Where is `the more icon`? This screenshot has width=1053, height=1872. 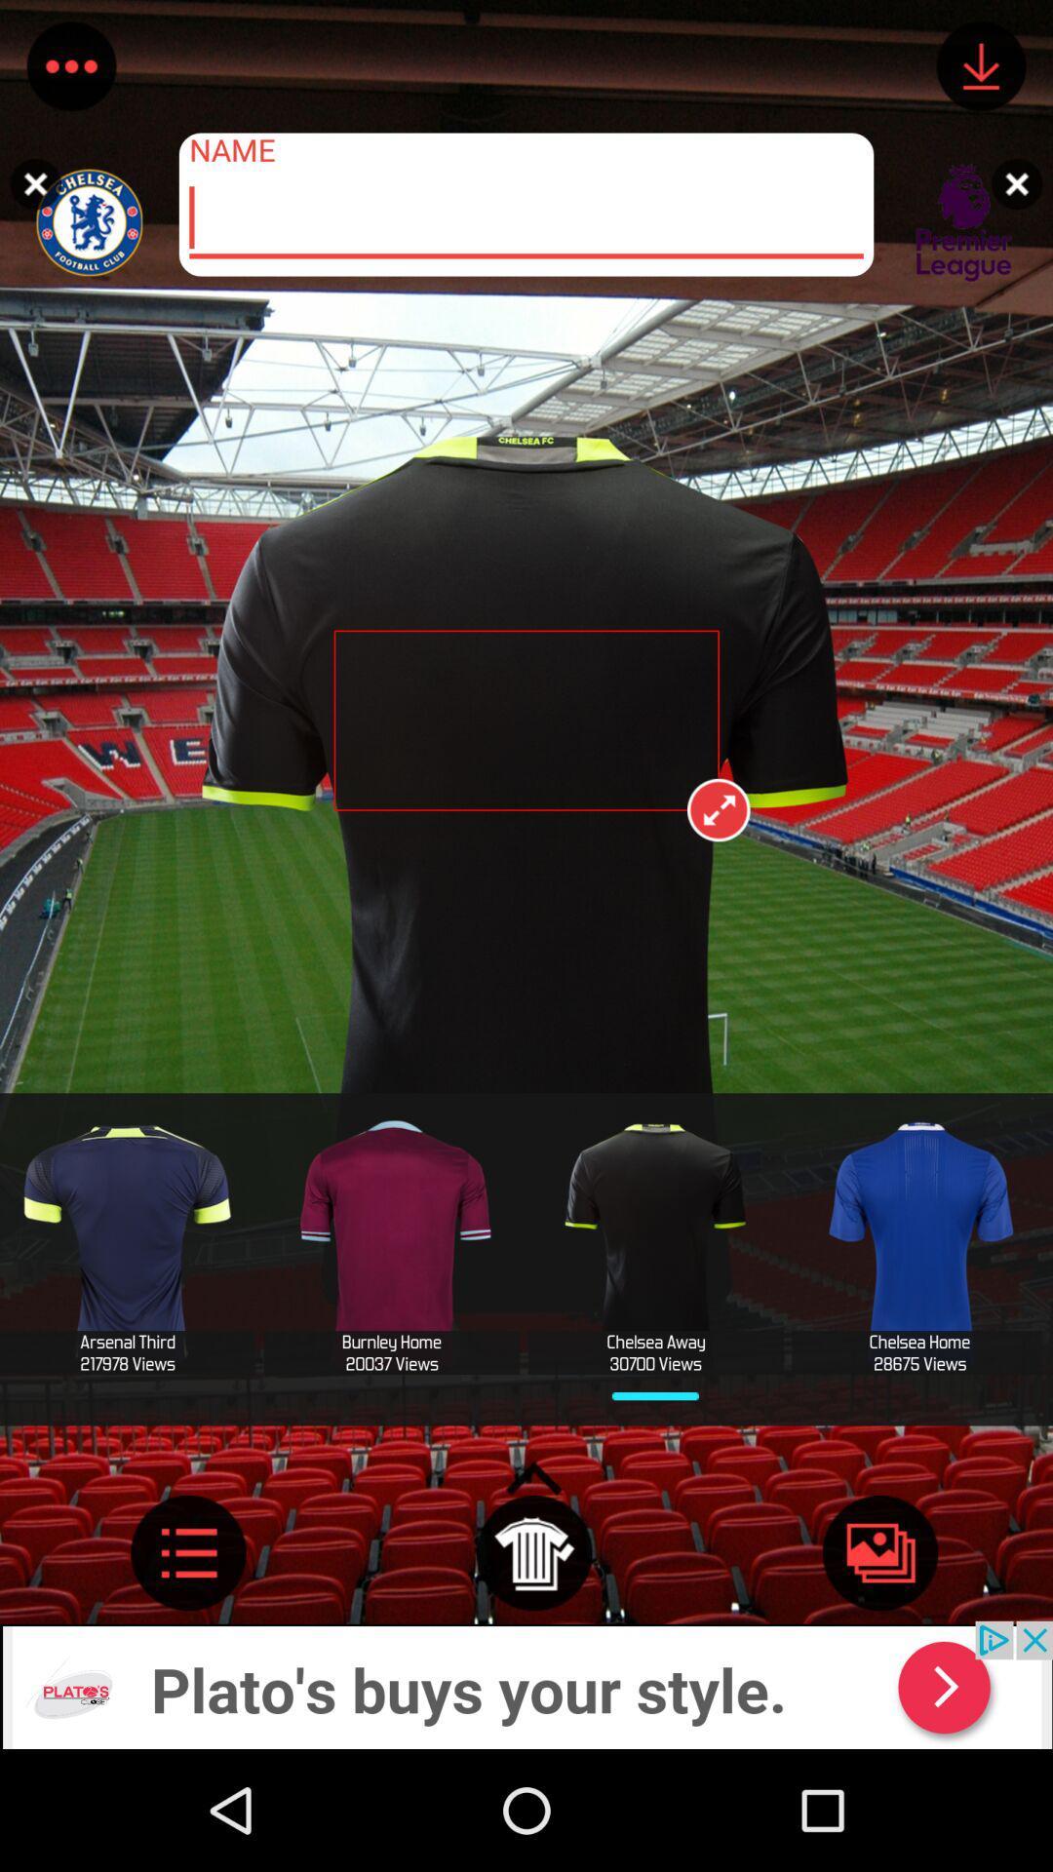 the more icon is located at coordinates (188, 1660).